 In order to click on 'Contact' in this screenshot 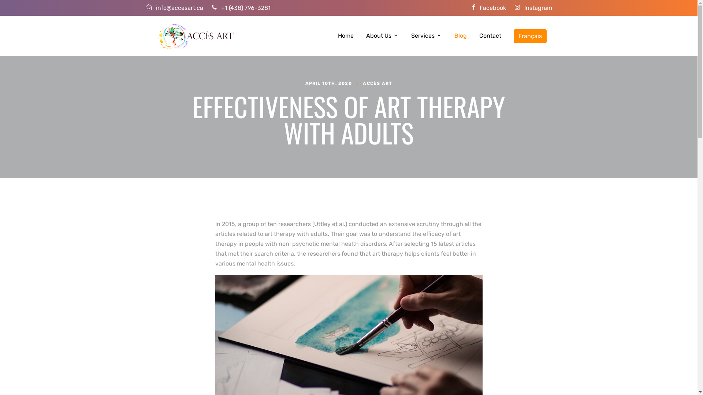, I will do `click(490, 35)`.